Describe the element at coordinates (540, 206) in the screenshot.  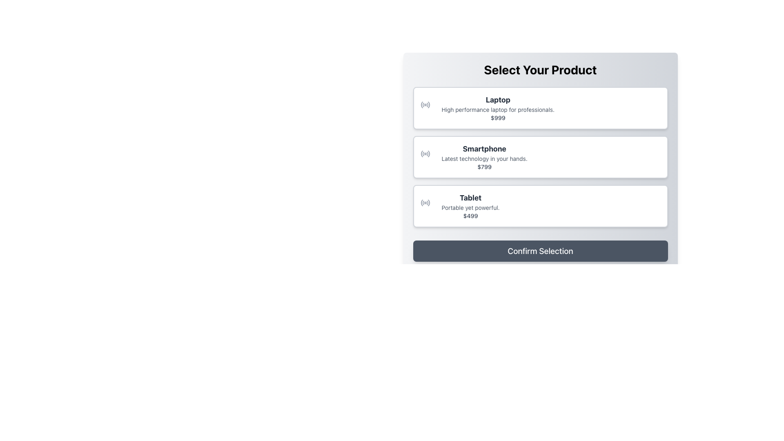
I see `the selectable card labeled 'Tablet'` at that location.